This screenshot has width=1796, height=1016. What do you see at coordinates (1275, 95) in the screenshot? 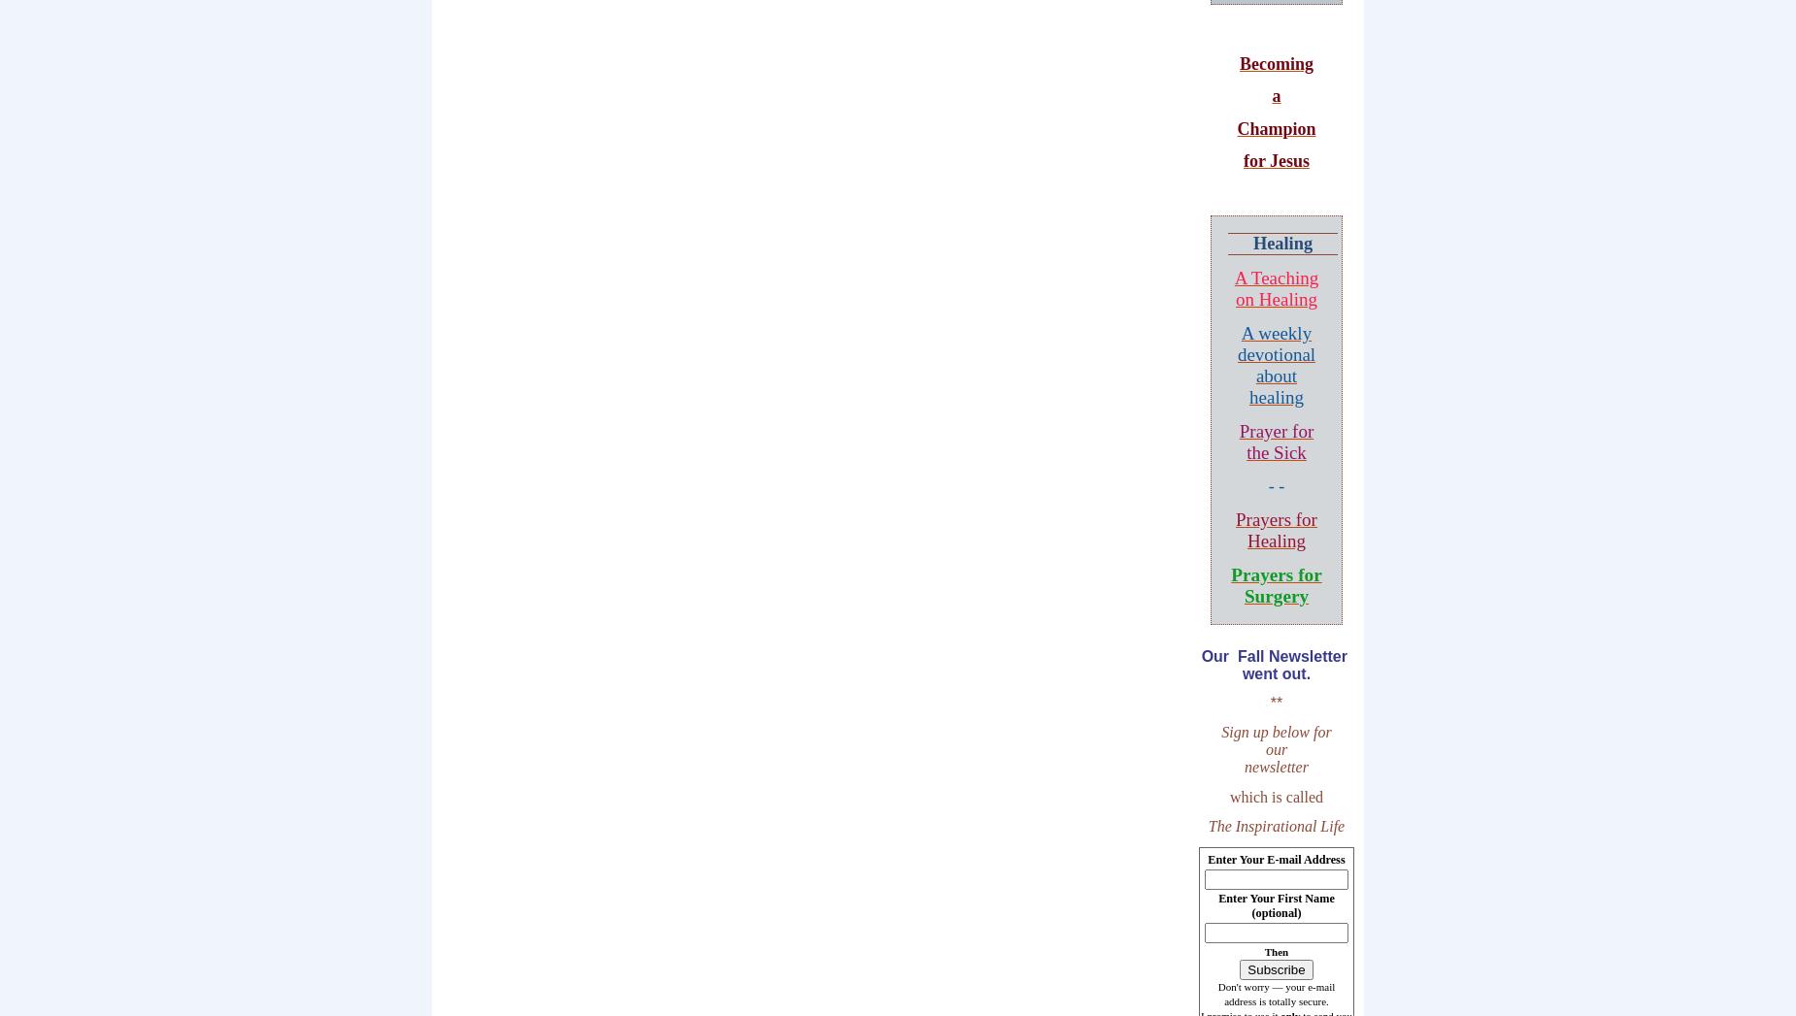
I see `'a'` at bounding box center [1275, 95].